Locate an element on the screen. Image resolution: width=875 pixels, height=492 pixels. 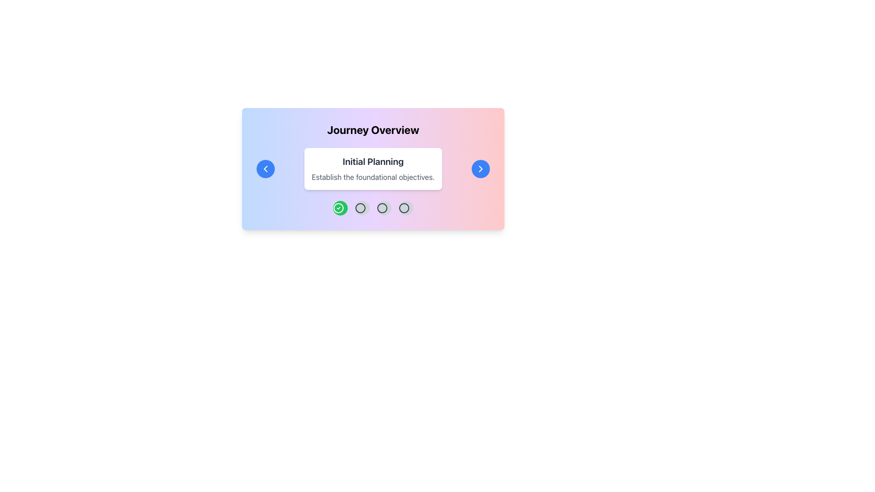
the right-facing chevron icon, which is styled as a blue circular button and indicates progression or navigation to the next stage is located at coordinates (480, 169).